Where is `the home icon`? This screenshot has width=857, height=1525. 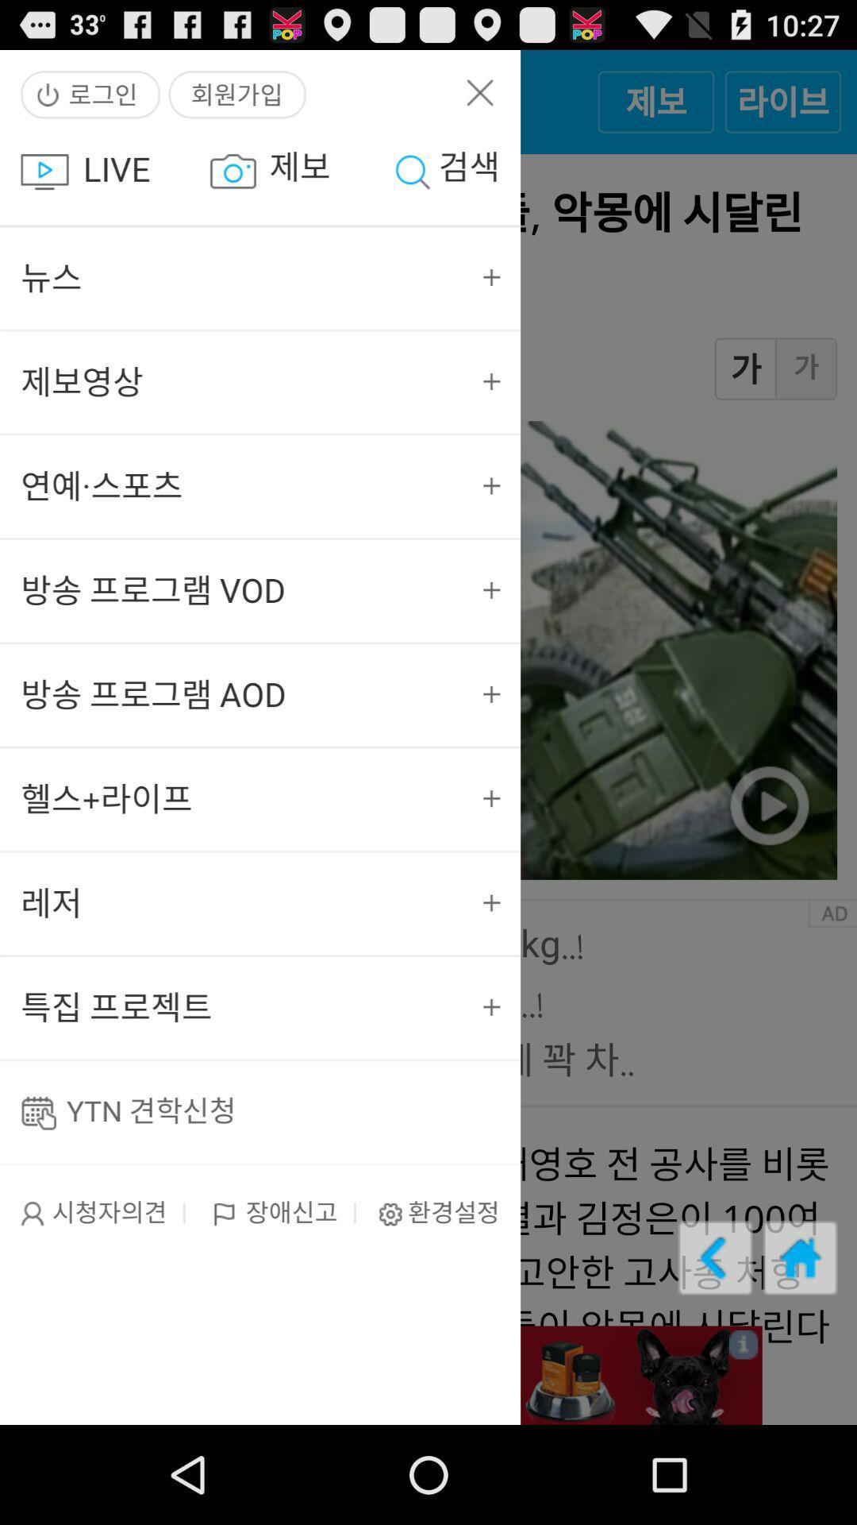
the home icon is located at coordinates (800, 1345).